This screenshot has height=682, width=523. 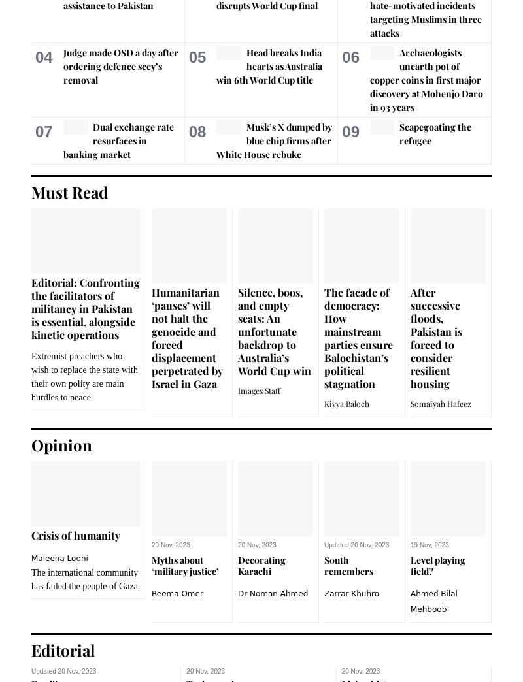 I want to click on 'After successive floods, Pakistan is forced to consider resilient housing', so click(x=436, y=337).